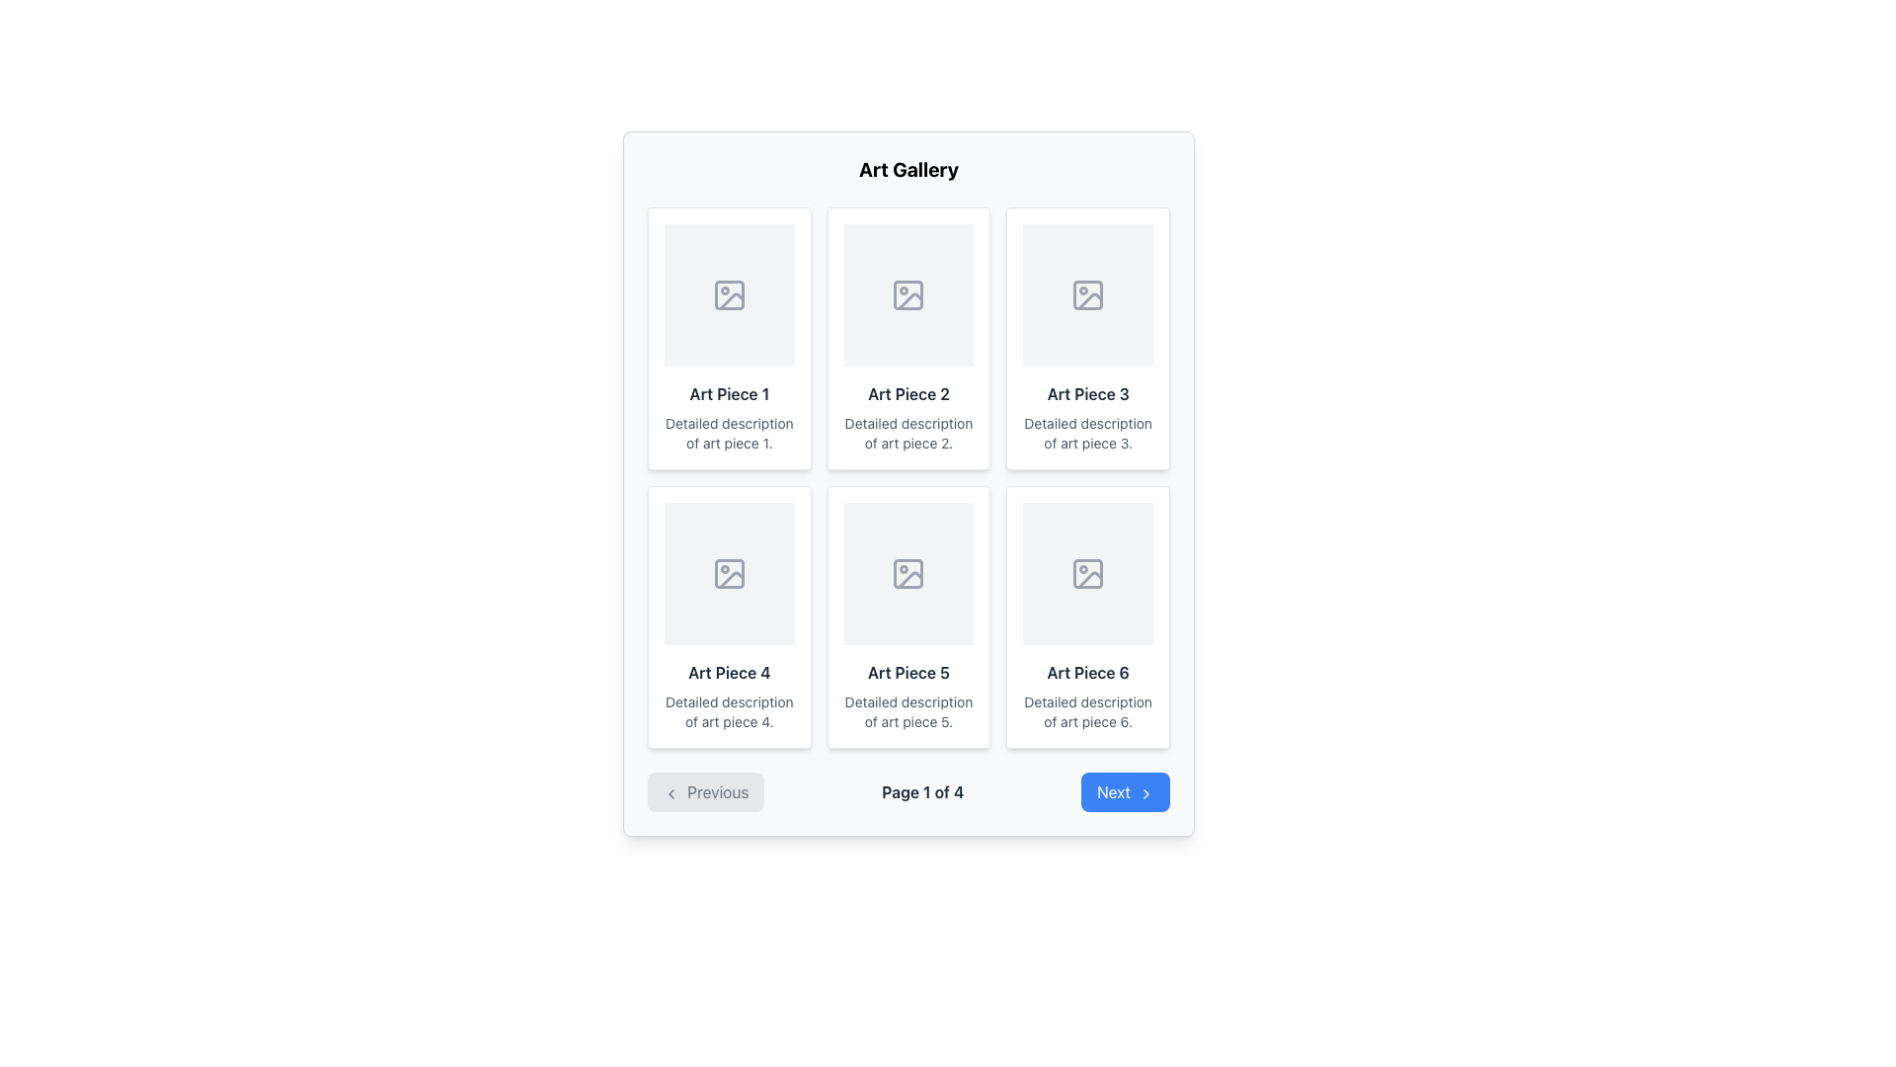 This screenshot has width=1896, height=1067. What do you see at coordinates (728, 712) in the screenshot?
I see `the static text block displaying 'Detailed description of art piece 4.' located below the title 'Art Piece 4' in the second row of the gallery layout` at bounding box center [728, 712].